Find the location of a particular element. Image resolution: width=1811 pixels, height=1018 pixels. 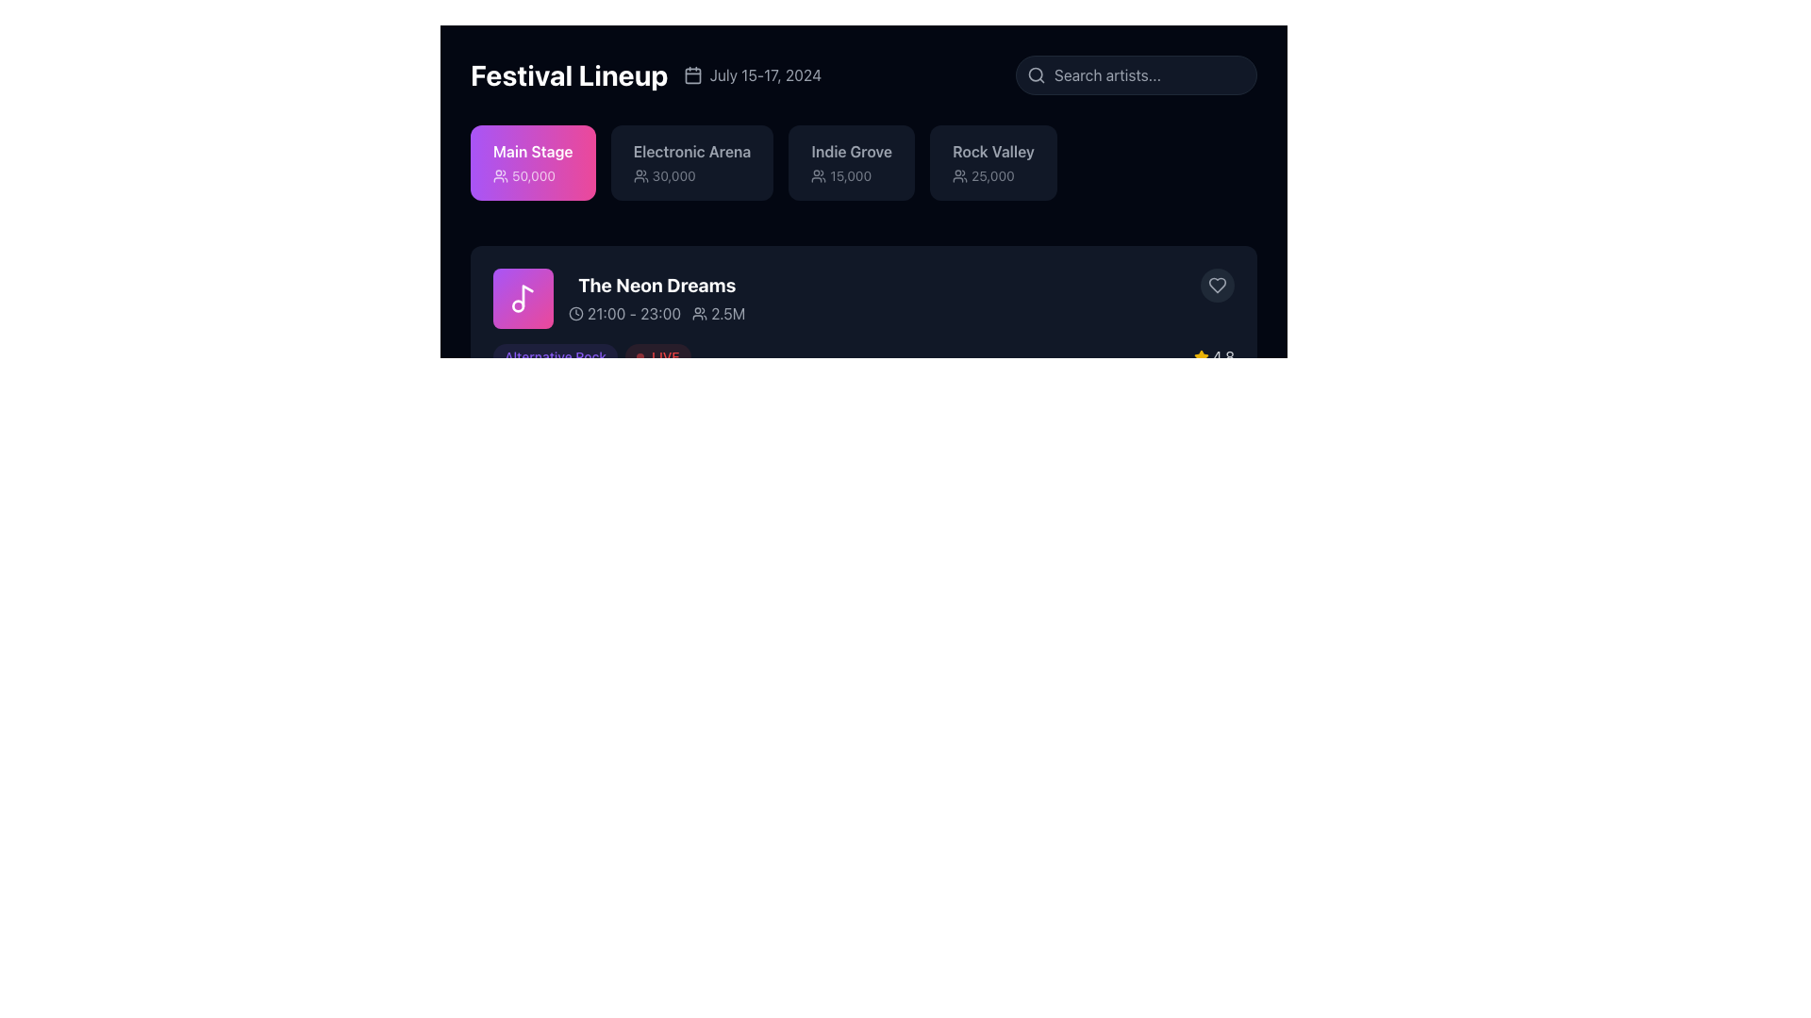

the static text label indicating the date or duration of the event, located in the top-middle section of the interface, to the right of the calendar icon is located at coordinates (765, 74).